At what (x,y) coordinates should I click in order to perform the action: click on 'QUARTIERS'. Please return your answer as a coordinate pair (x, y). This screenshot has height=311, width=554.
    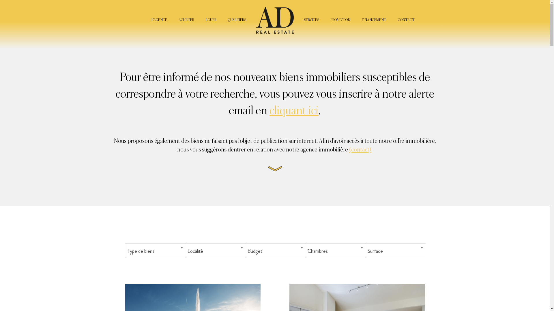
    Looking at the image, I should click on (228, 20).